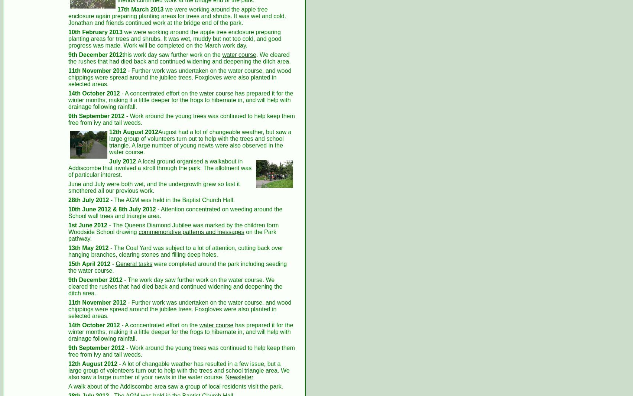  I want to click on '1st June 2012', so click(87, 225).